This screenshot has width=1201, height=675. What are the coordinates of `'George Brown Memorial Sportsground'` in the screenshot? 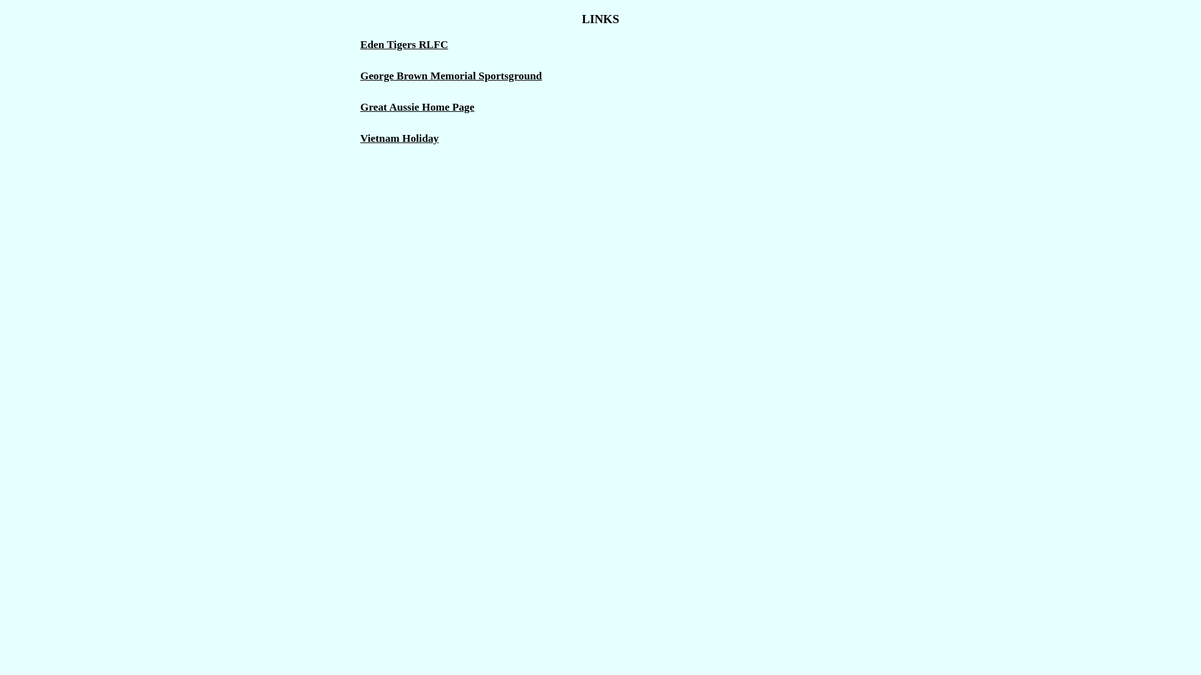 It's located at (450, 76).